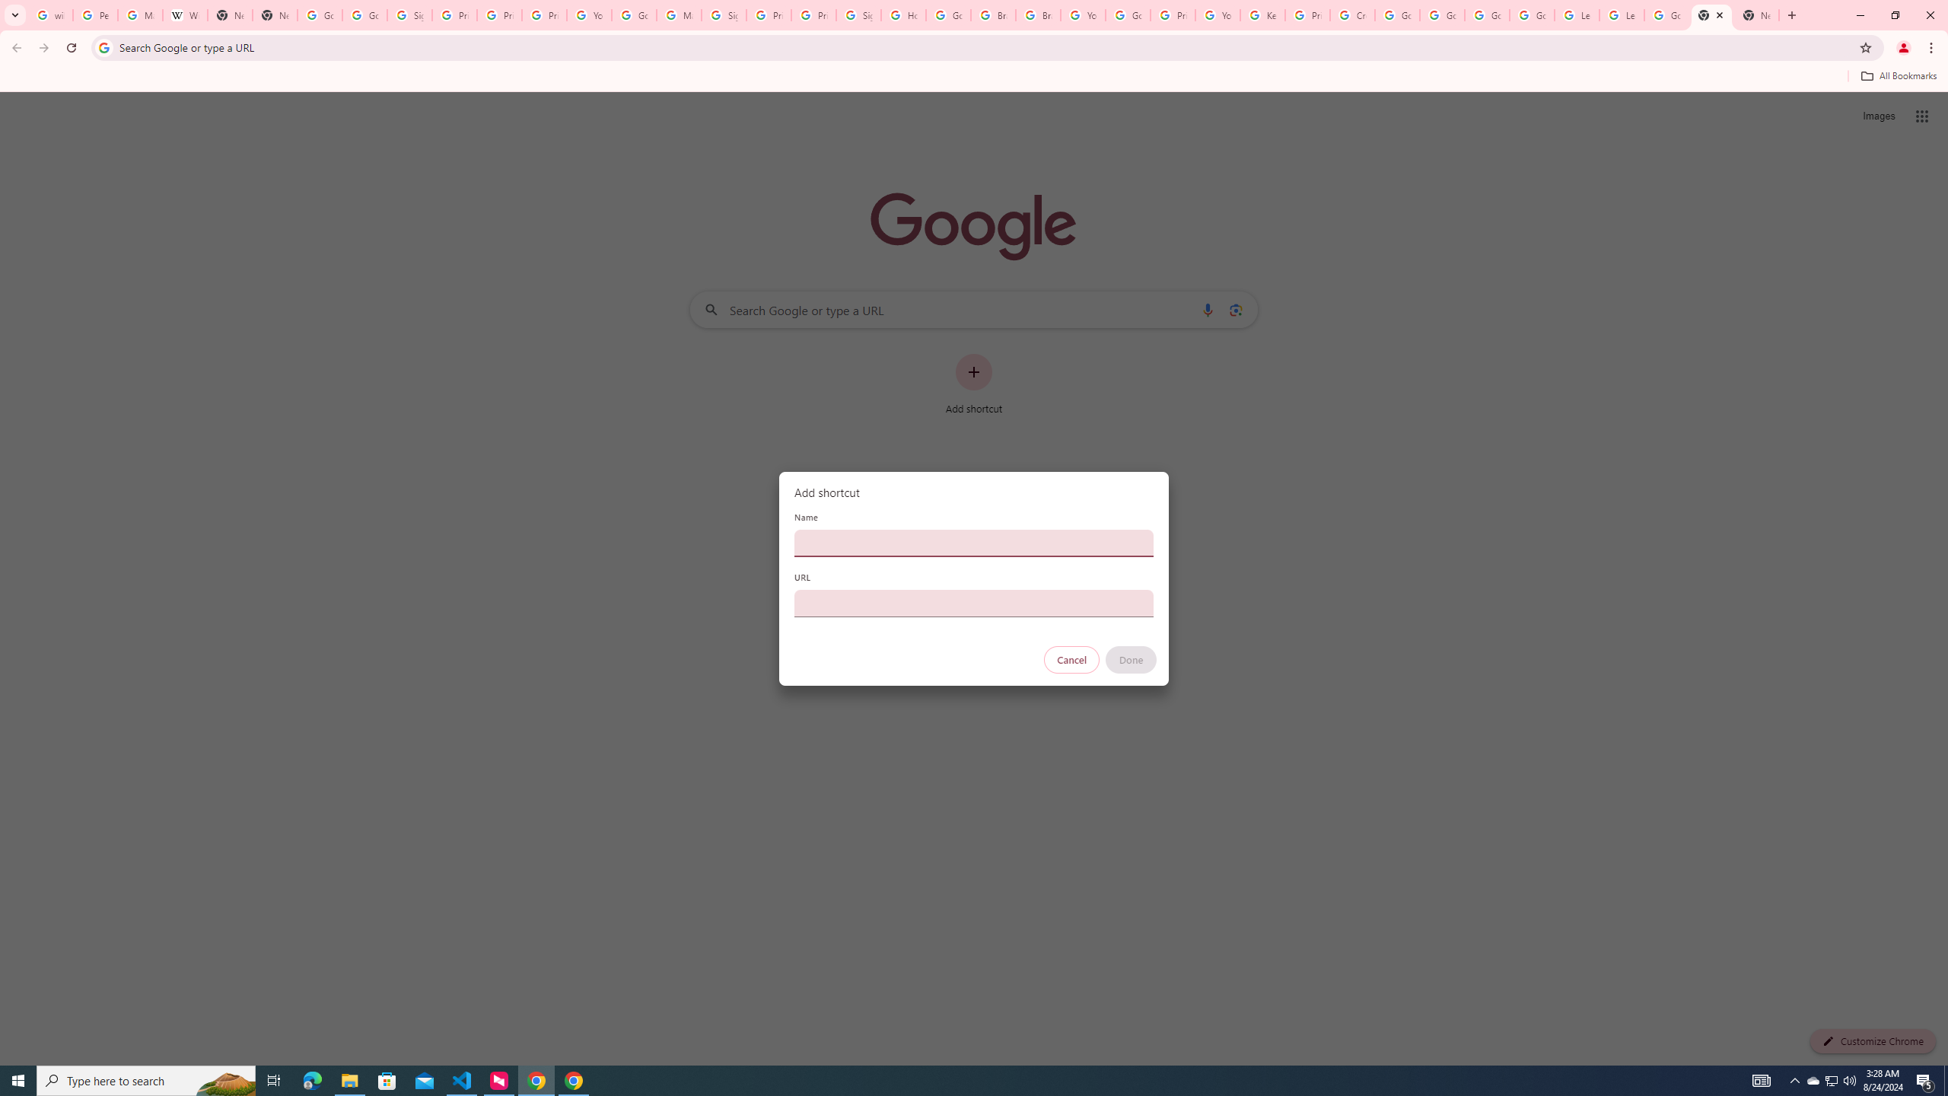 The width and height of the screenshot is (1948, 1096). What do you see at coordinates (992, 14) in the screenshot?
I see `'Brand Resource Center'` at bounding box center [992, 14].